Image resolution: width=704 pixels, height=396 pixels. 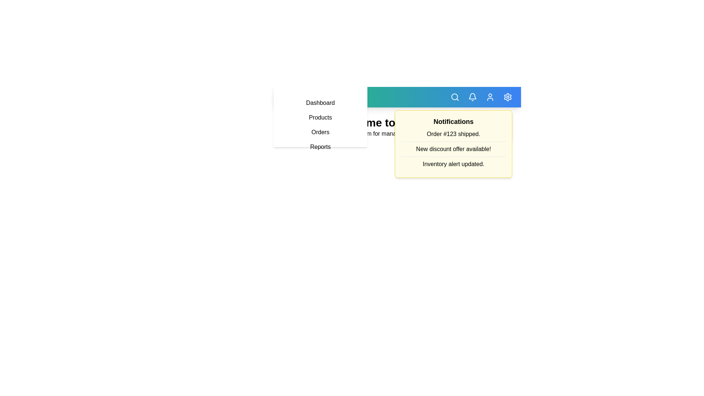 I want to click on the bell-shaped notification icon located in the top-right corner of the interface, so click(x=473, y=97).